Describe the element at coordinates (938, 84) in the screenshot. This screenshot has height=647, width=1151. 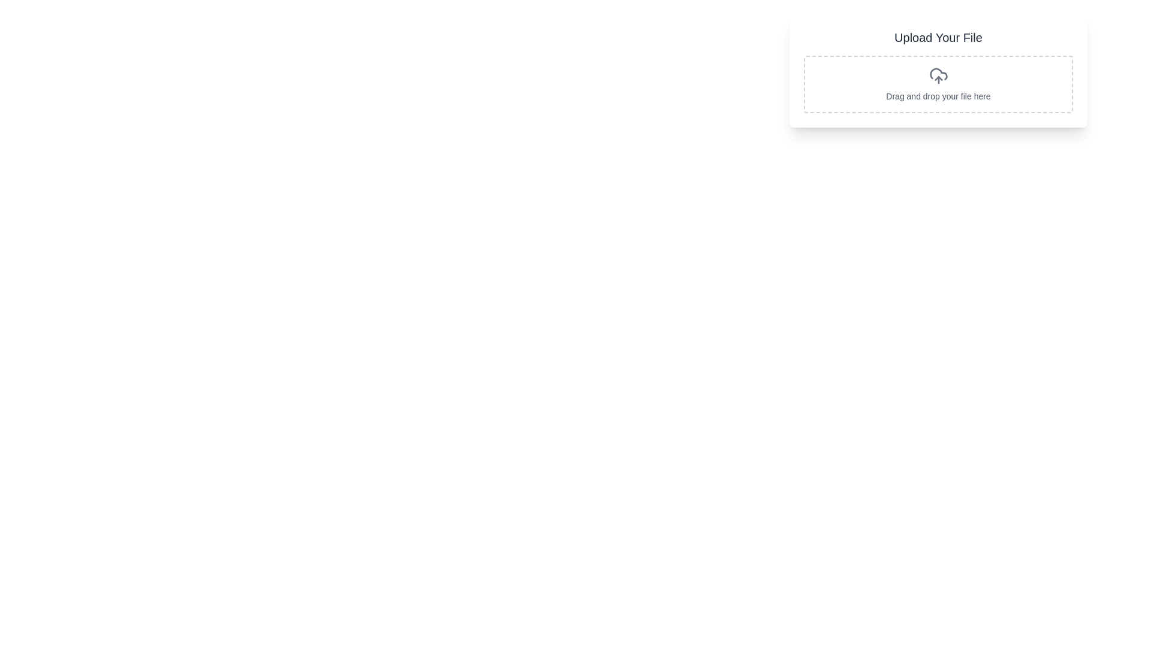
I see `and drop files onto the File Upload Zone located in the 'Upload Your File' card, positioned centrally below the title text` at that location.